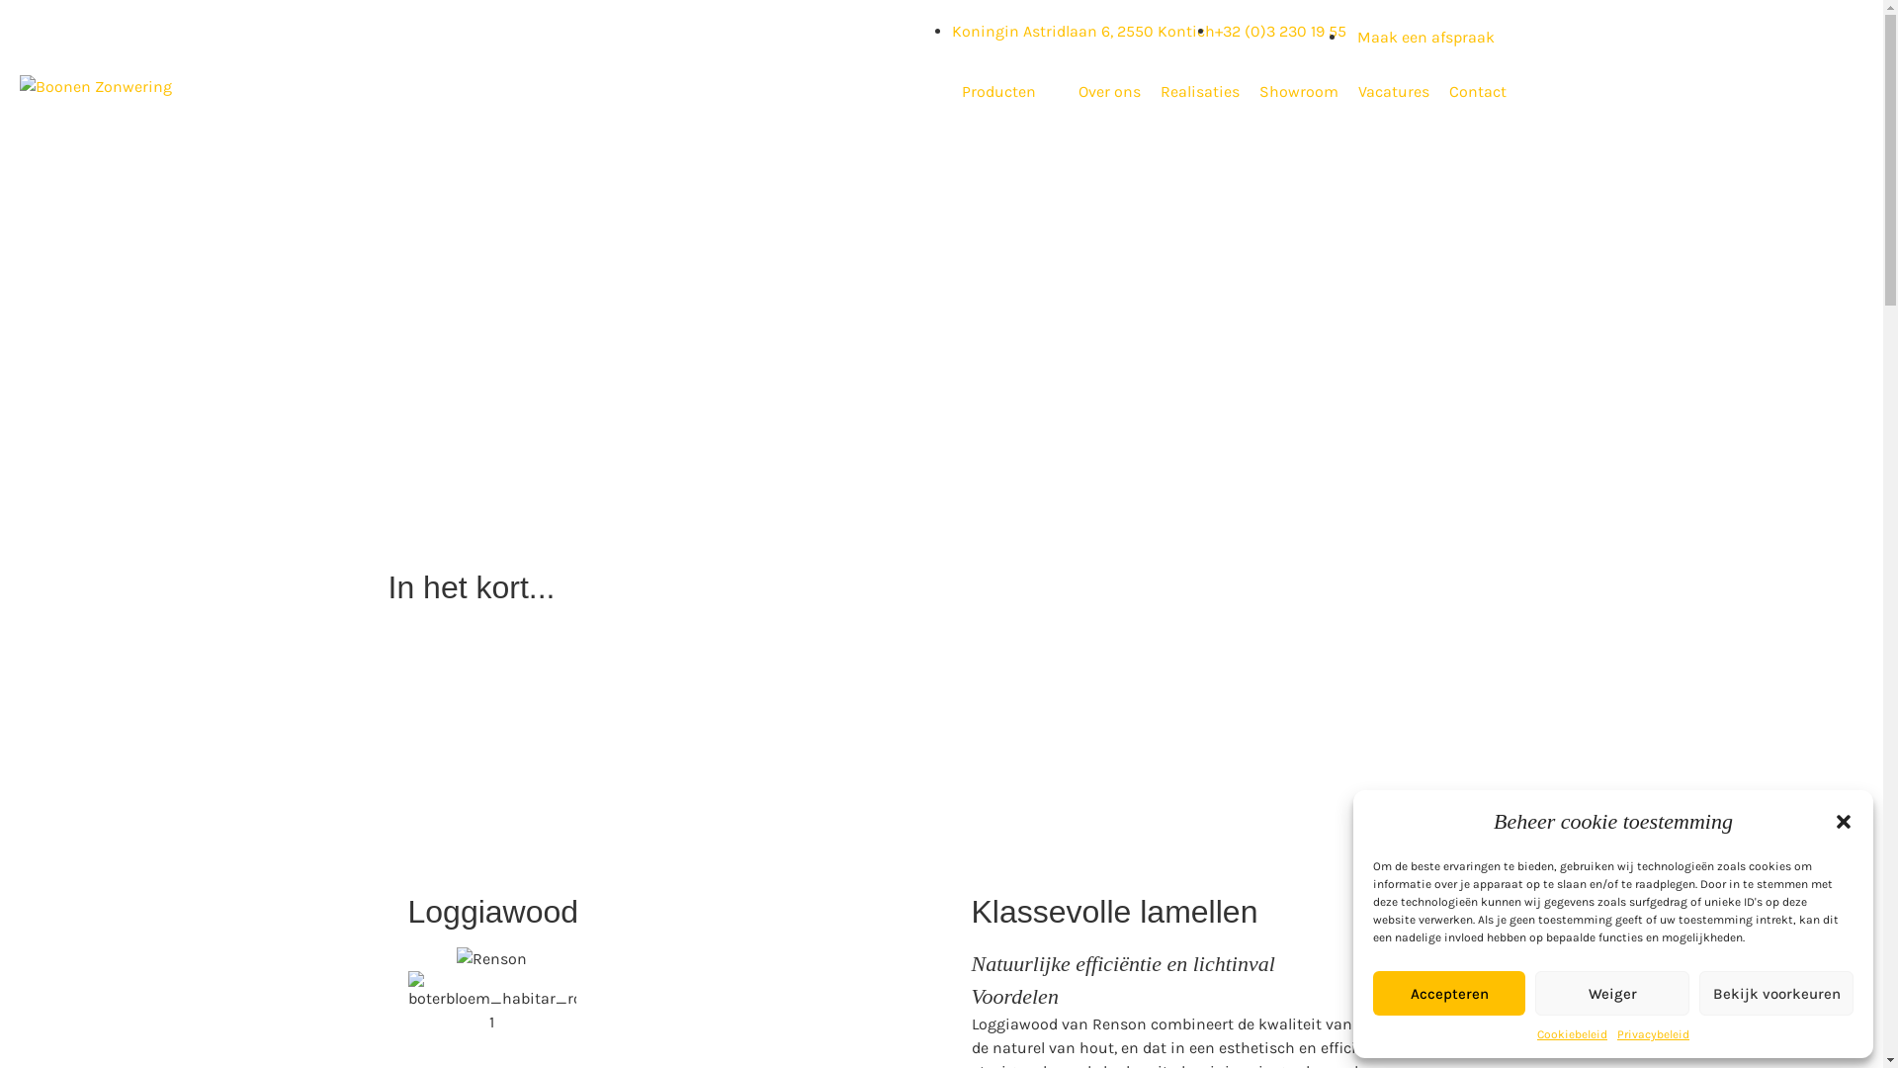 The image size is (1898, 1068). What do you see at coordinates (1534, 993) in the screenshot?
I see `'Weiger'` at bounding box center [1534, 993].